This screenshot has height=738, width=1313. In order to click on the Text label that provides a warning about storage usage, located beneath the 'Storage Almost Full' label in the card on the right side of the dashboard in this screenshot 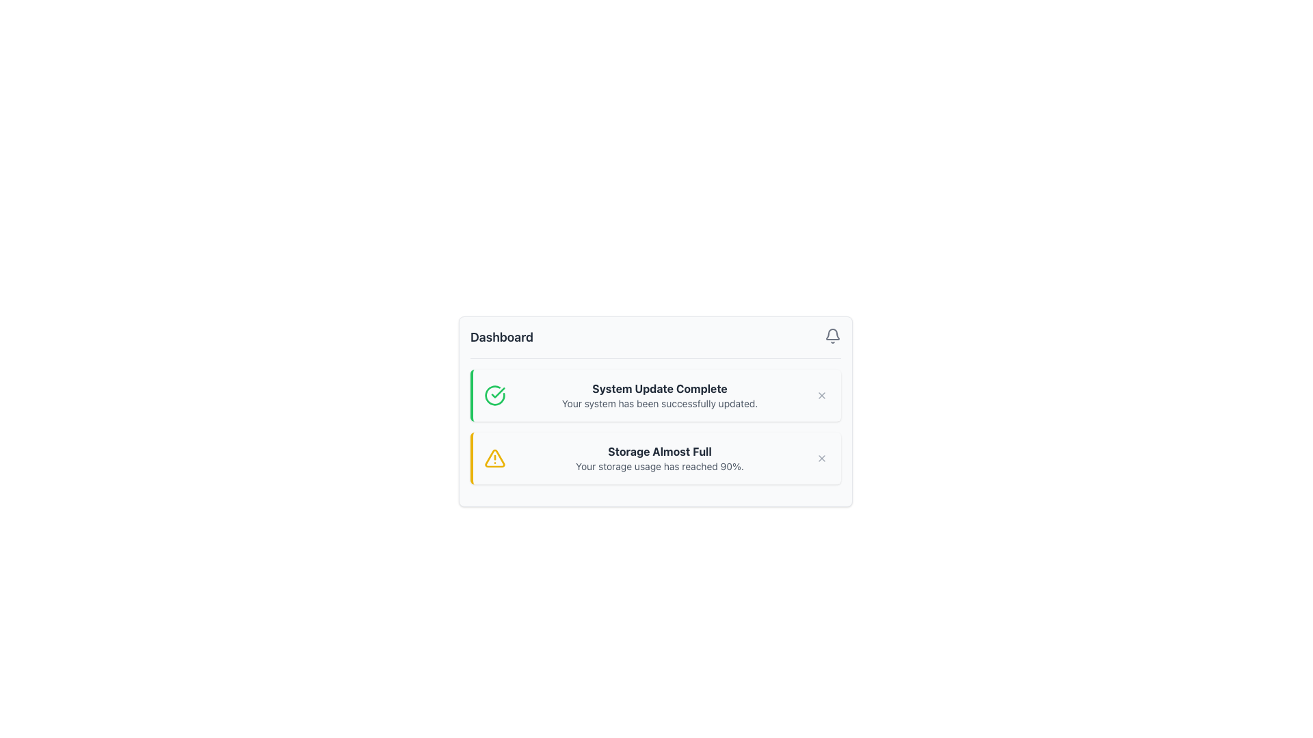, I will do `click(659, 465)`.